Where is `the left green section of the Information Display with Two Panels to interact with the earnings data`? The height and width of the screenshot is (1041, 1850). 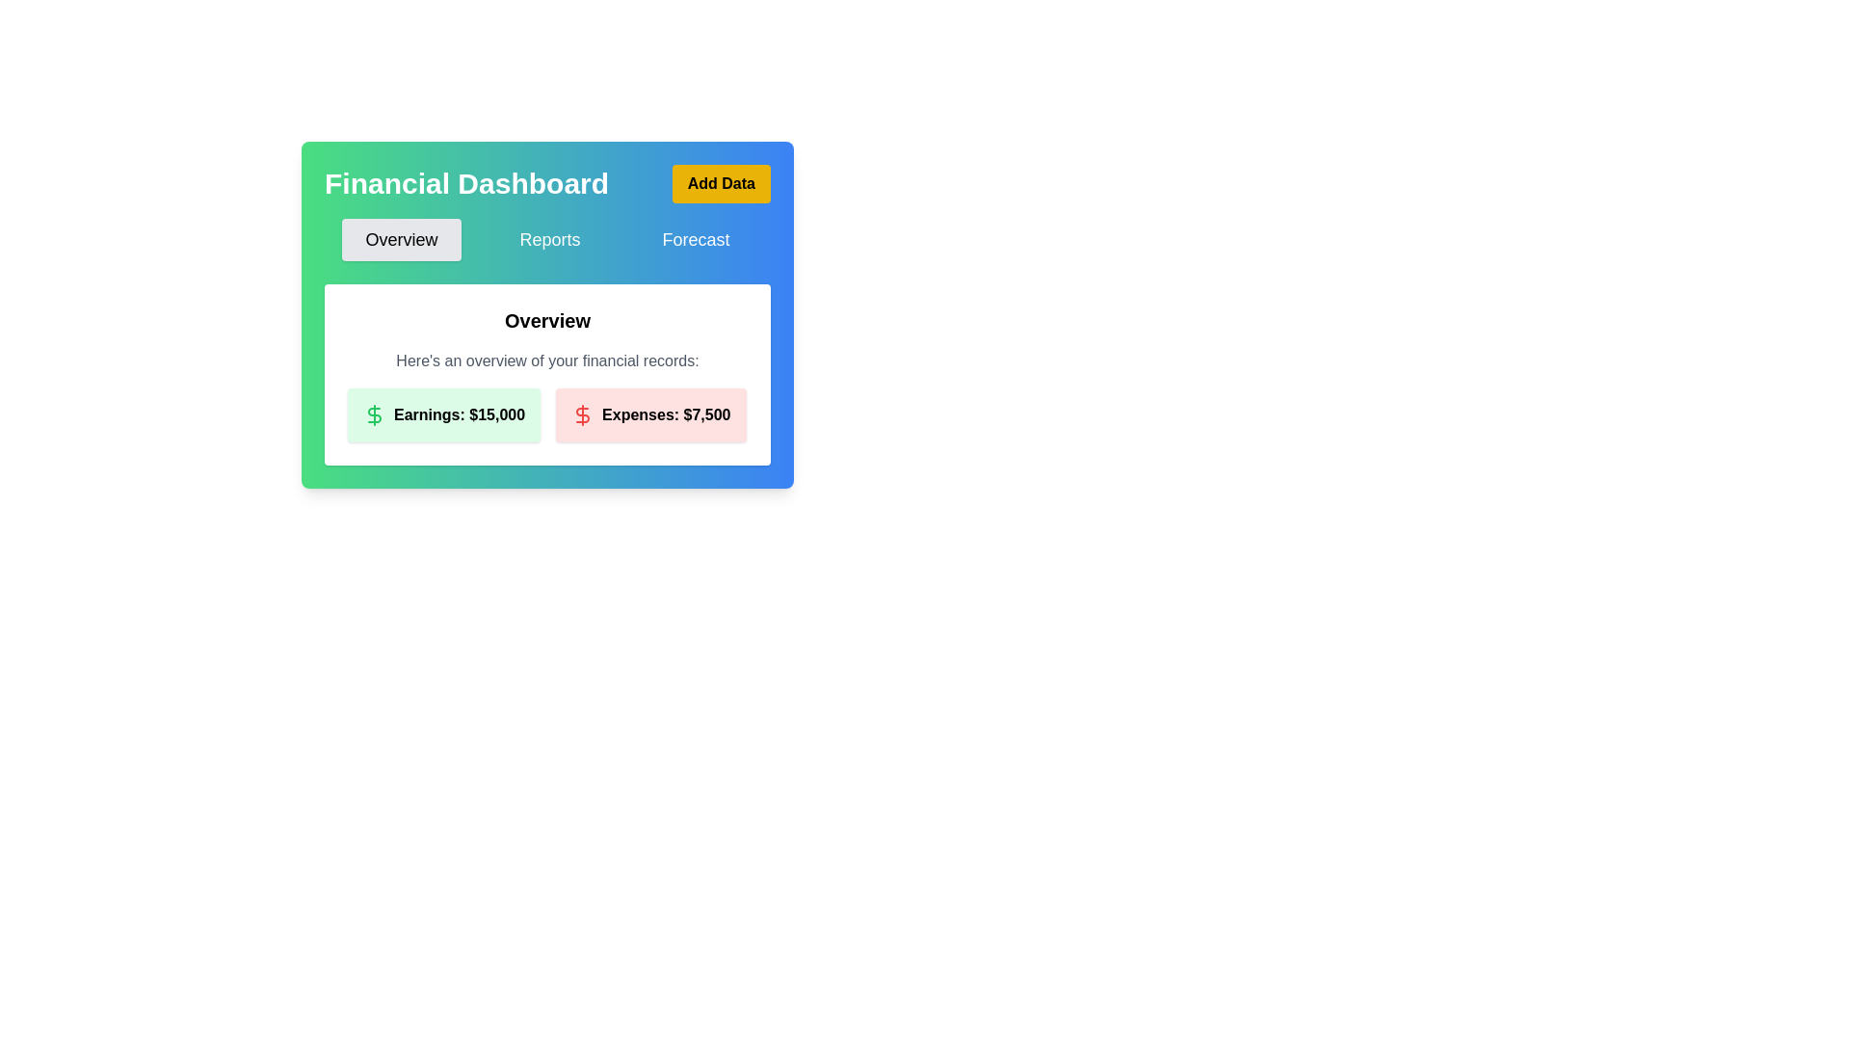 the left green section of the Information Display with Two Panels to interact with the earnings data is located at coordinates (546, 414).